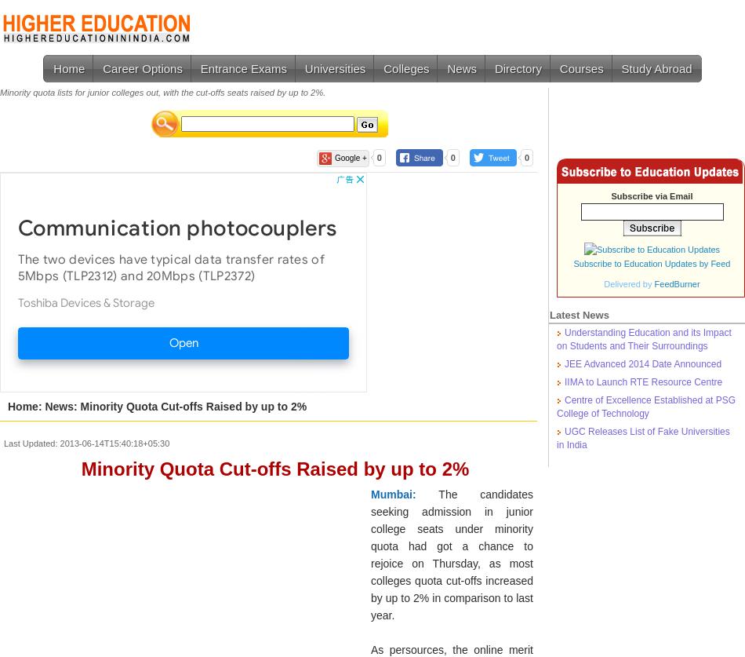 The height and width of the screenshot is (657, 745). Describe the element at coordinates (642, 438) in the screenshot. I see `'UGC Releases List of Fake Universities in India'` at that location.